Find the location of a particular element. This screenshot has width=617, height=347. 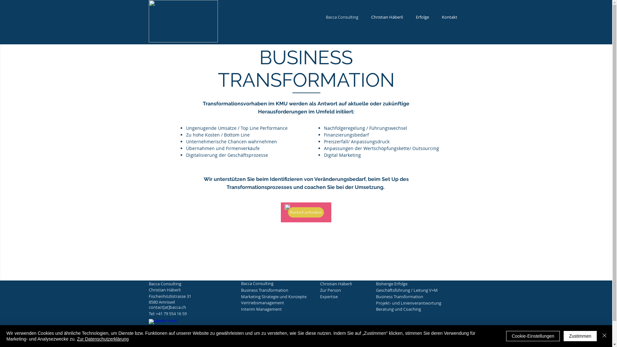

'Kontakt' is located at coordinates (449, 17).